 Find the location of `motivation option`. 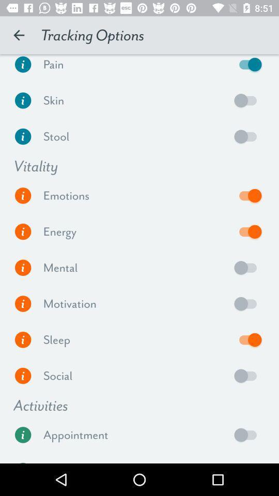

motivation option is located at coordinates (247, 304).